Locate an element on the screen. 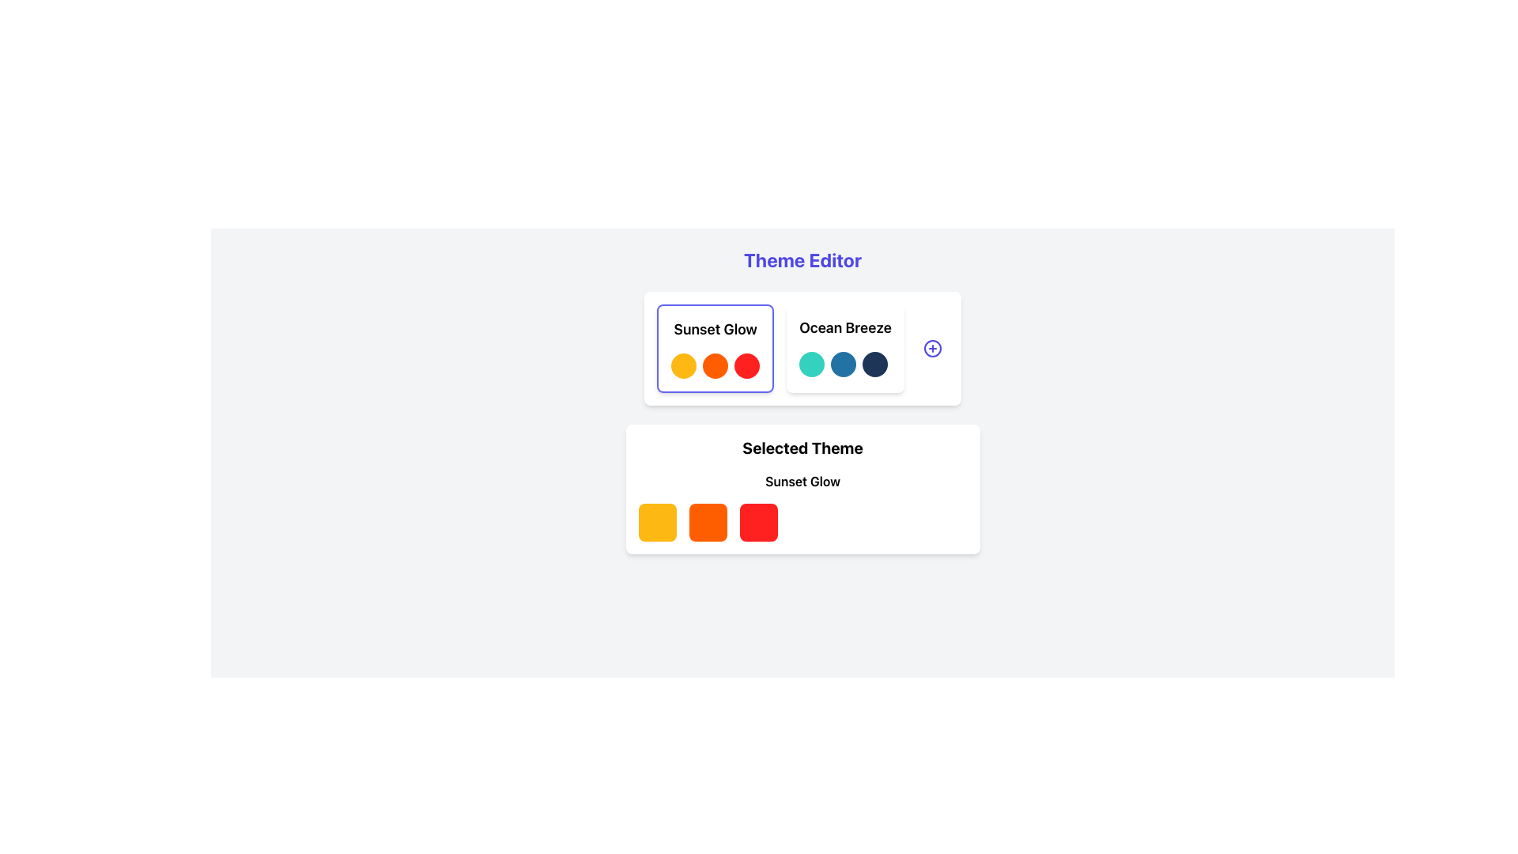  the middle decorative blue circle in the 'Ocean Breeze' section, which is styled with a rounded appearance and has no text or icon is located at coordinates (843, 365).